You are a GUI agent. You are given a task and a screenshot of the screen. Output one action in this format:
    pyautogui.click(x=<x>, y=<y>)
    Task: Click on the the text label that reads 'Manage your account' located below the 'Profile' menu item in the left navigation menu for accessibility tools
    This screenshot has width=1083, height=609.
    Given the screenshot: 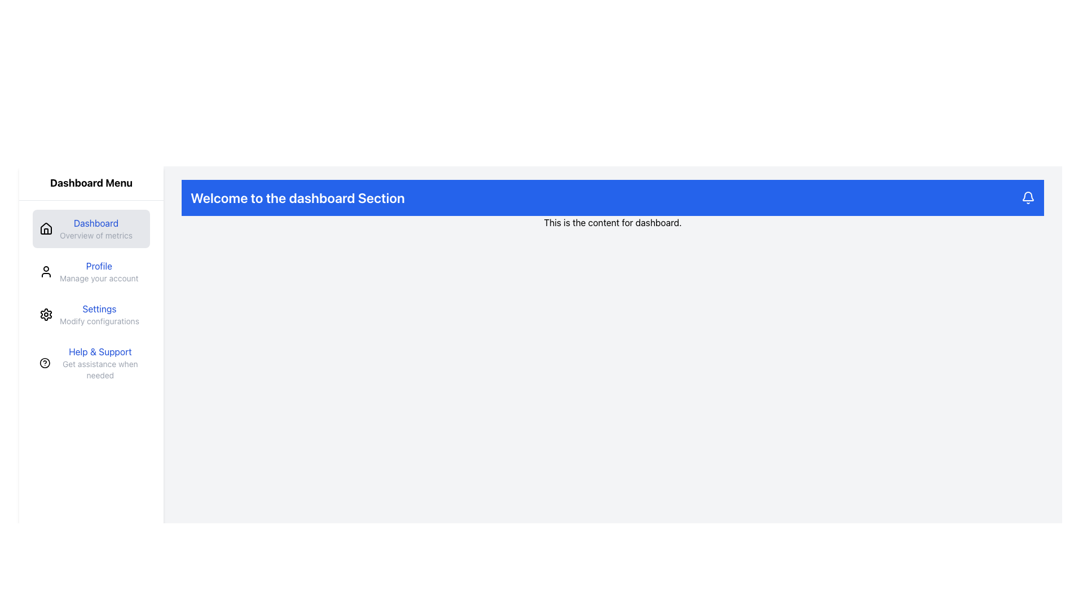 What is the action you would take?
    pyautogui.click(x=99, y=278)
    